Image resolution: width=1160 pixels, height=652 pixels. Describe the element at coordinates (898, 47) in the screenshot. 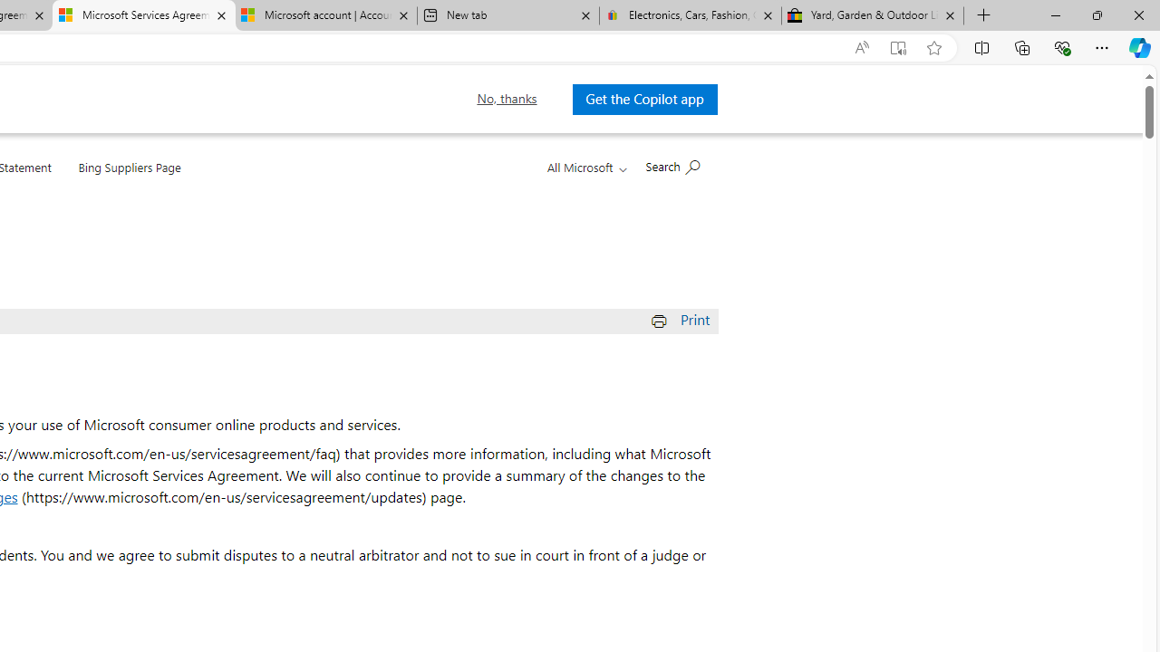

I see `'Enter Immersive Reader (F9)'` at that location.